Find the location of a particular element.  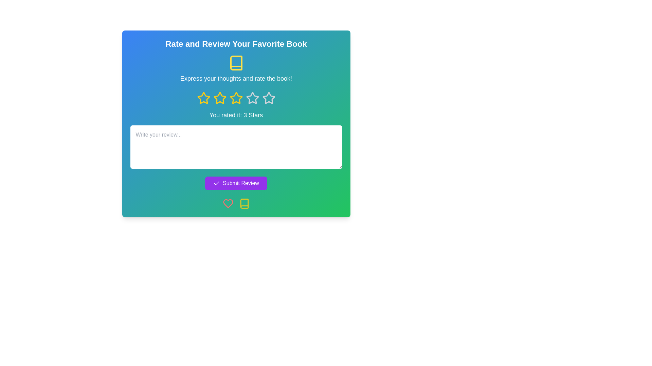

the third star in the five-star rating system, which is part of a rating interface is located at coordinates (220, 98).